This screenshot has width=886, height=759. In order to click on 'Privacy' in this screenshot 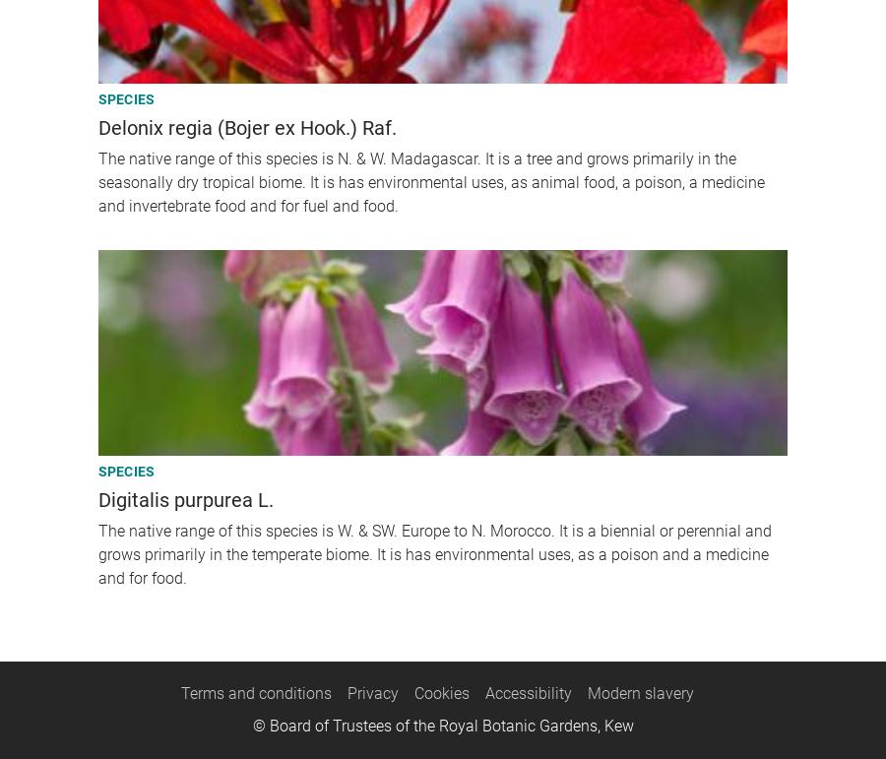, I will do `click(372, 691)`.